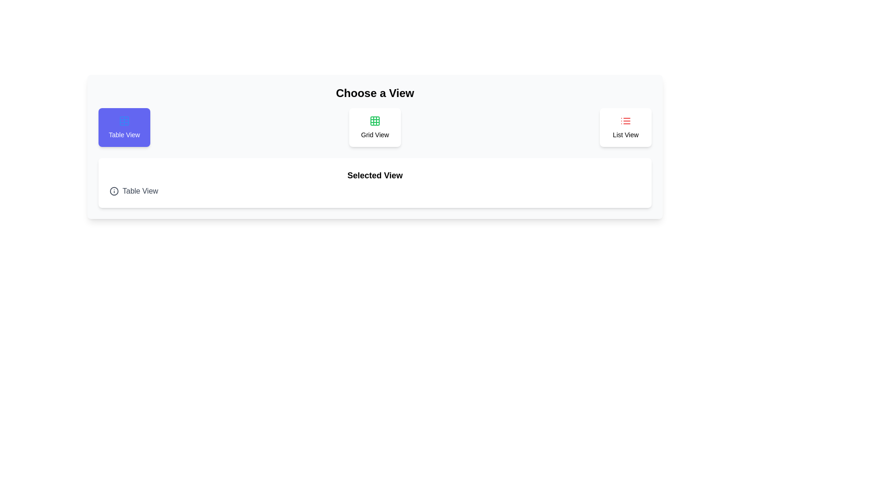  What do you see at coordinates (375, 121) in the screenshot?
I see `the 'Grid View' button containing the green-stroked 3x3 grid icon by clicking on it` at bounding box center [375, 121].